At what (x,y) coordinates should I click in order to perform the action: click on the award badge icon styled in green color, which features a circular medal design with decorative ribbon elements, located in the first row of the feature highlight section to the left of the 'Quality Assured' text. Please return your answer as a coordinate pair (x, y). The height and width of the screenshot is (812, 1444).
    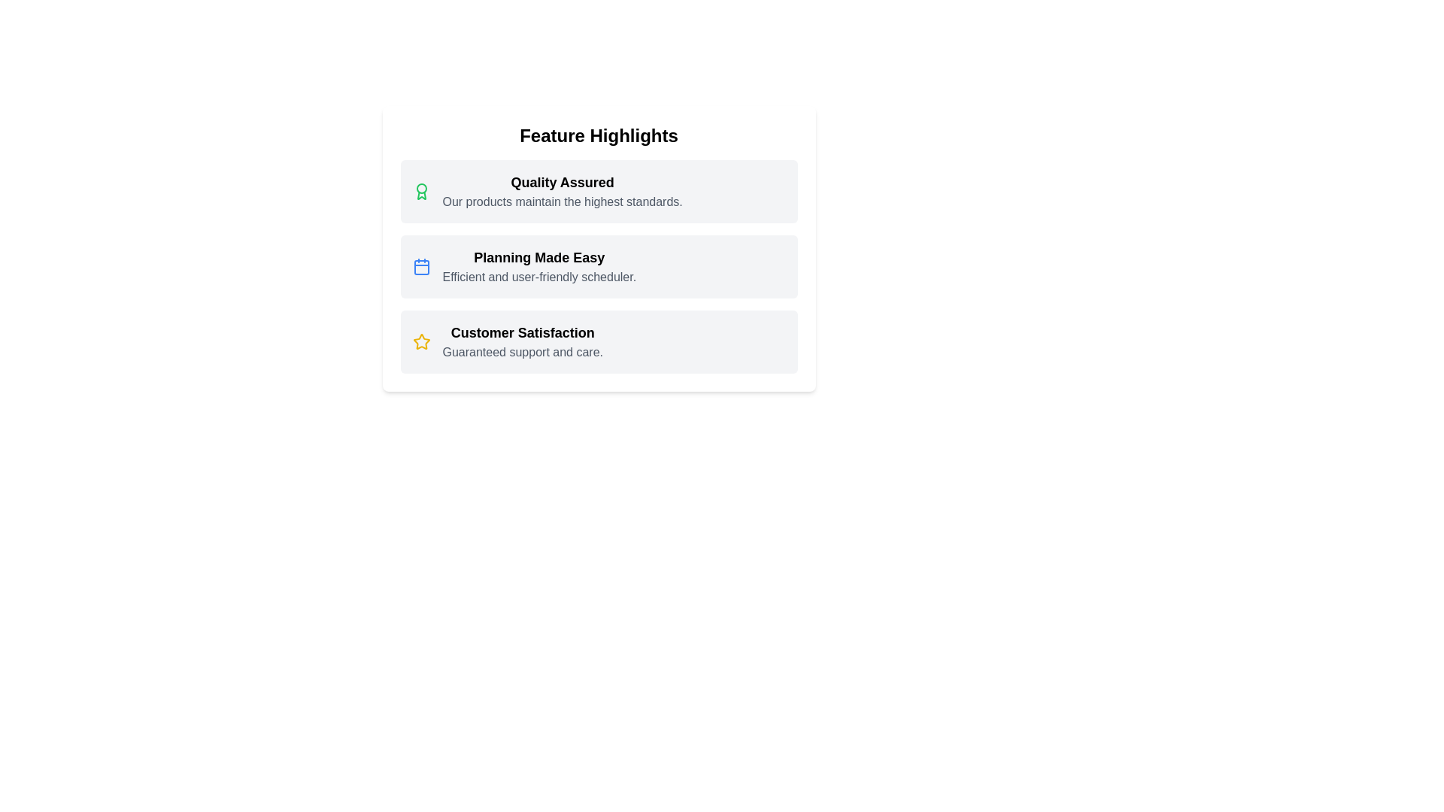
    Looking at the image, I should click on (421, 190).